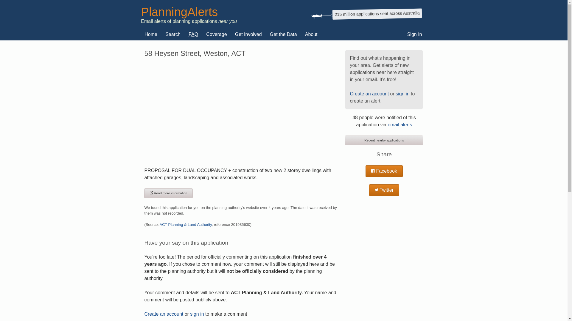 This screenshot has width=572, height=321. Describe the element at coordinates (190, 314) in the screenshot. I see `'sign in'` at that location.